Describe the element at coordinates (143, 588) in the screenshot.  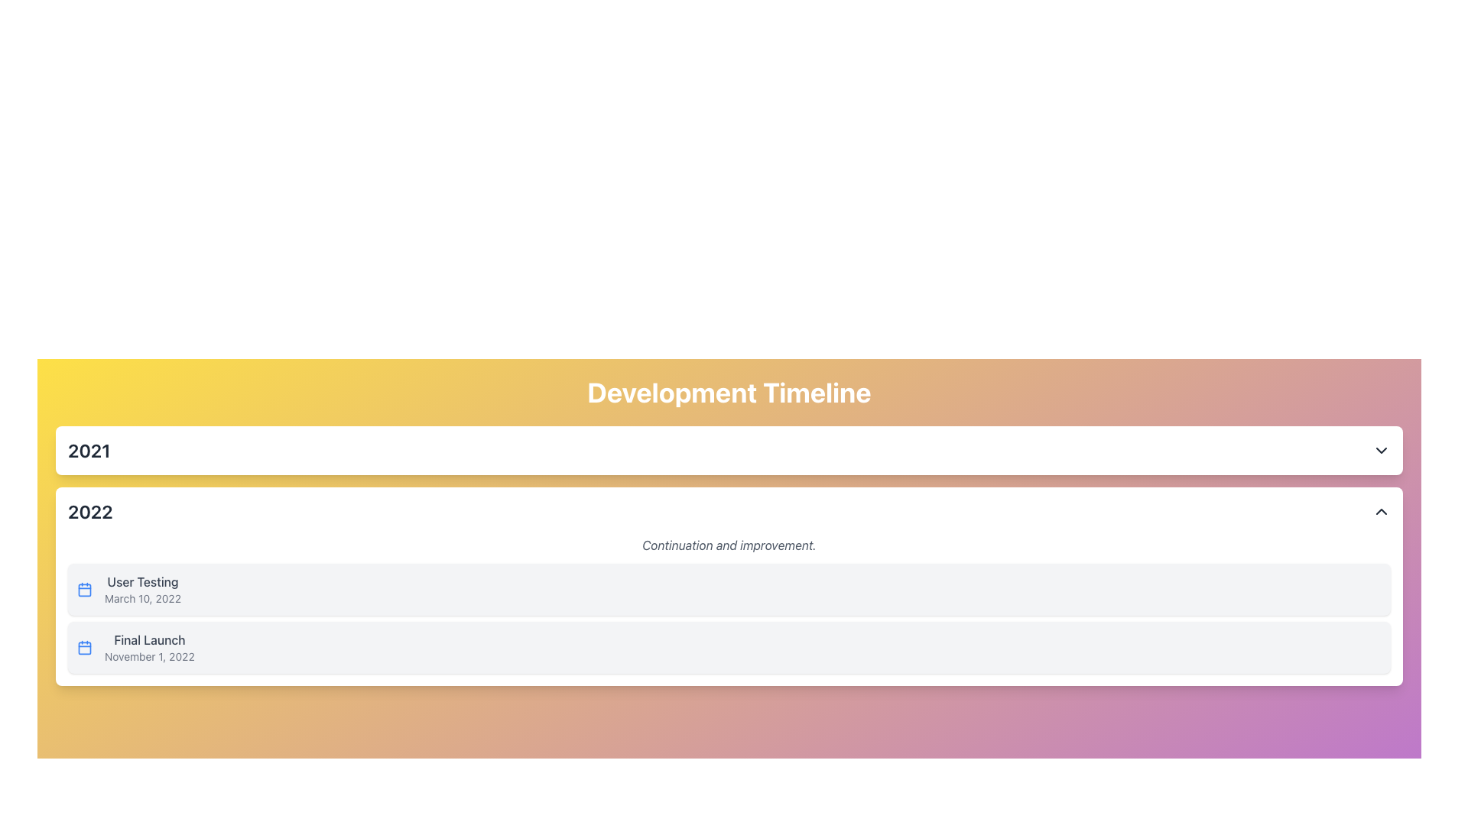
I see `the 'User Testing' text label displaying the date 'March 10, 2022' located in the card layout under the year 2022` at that location.